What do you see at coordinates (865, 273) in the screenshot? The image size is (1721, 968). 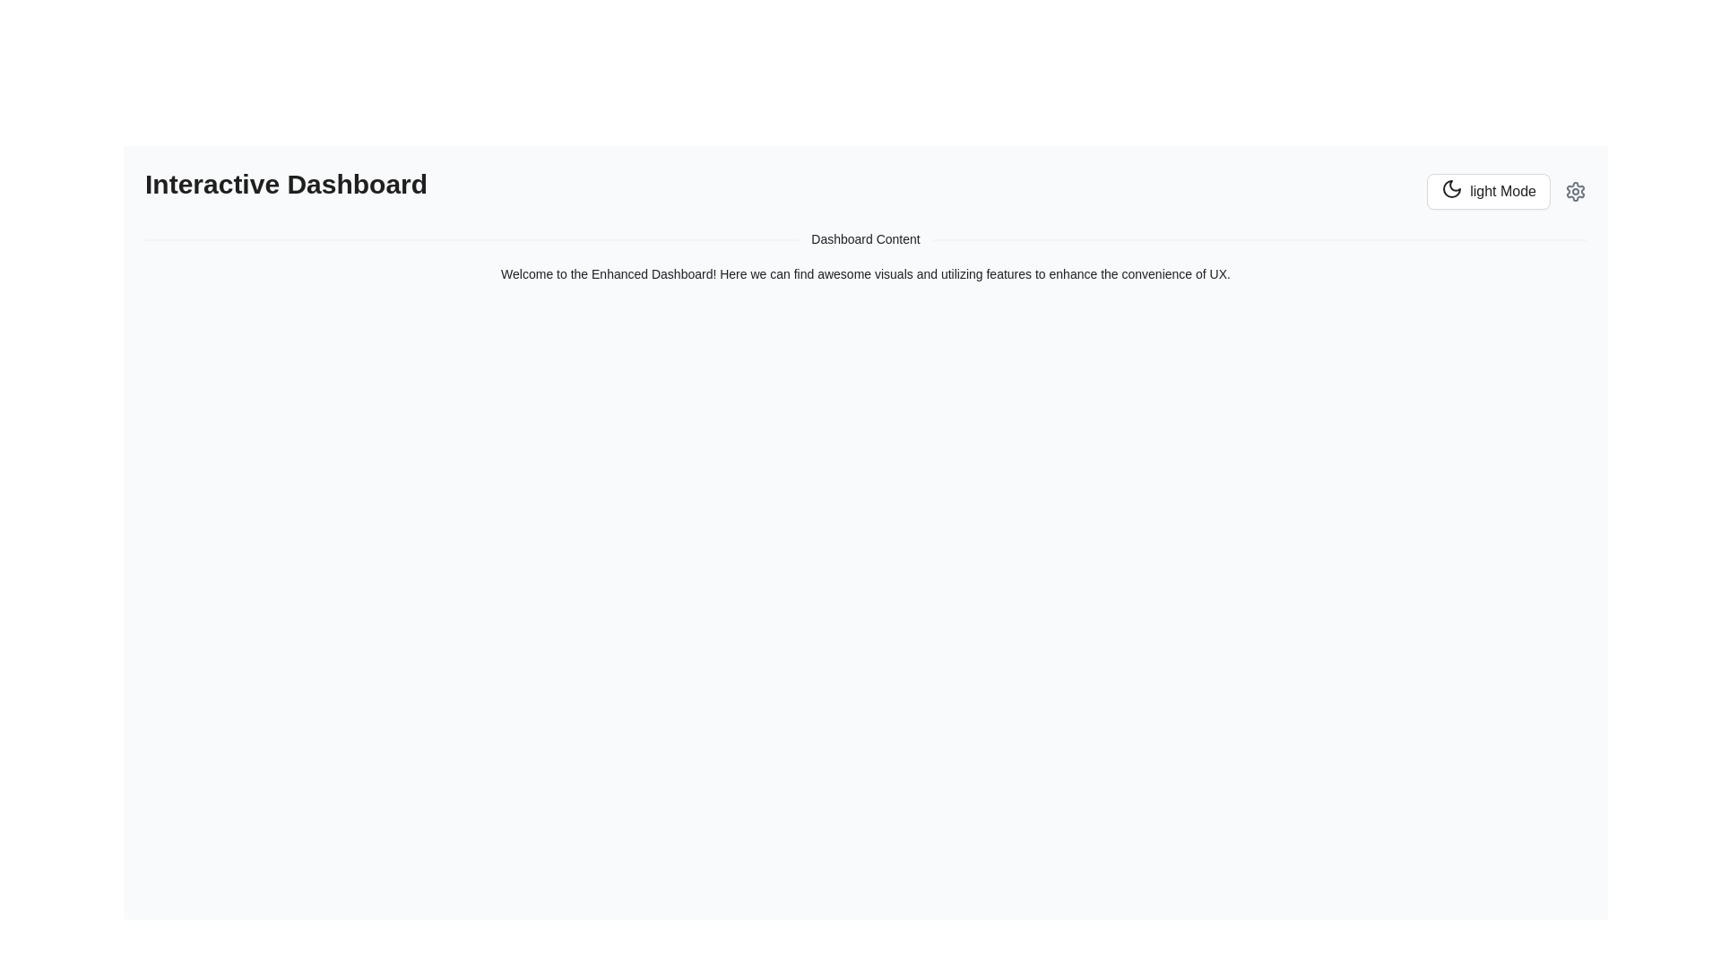 I see `the static text label that reads 'Welcome to the Enhanced Dashboard!' which is centrally positioned in the 'Dashboard Content' section` at bounding box center [865, 273].